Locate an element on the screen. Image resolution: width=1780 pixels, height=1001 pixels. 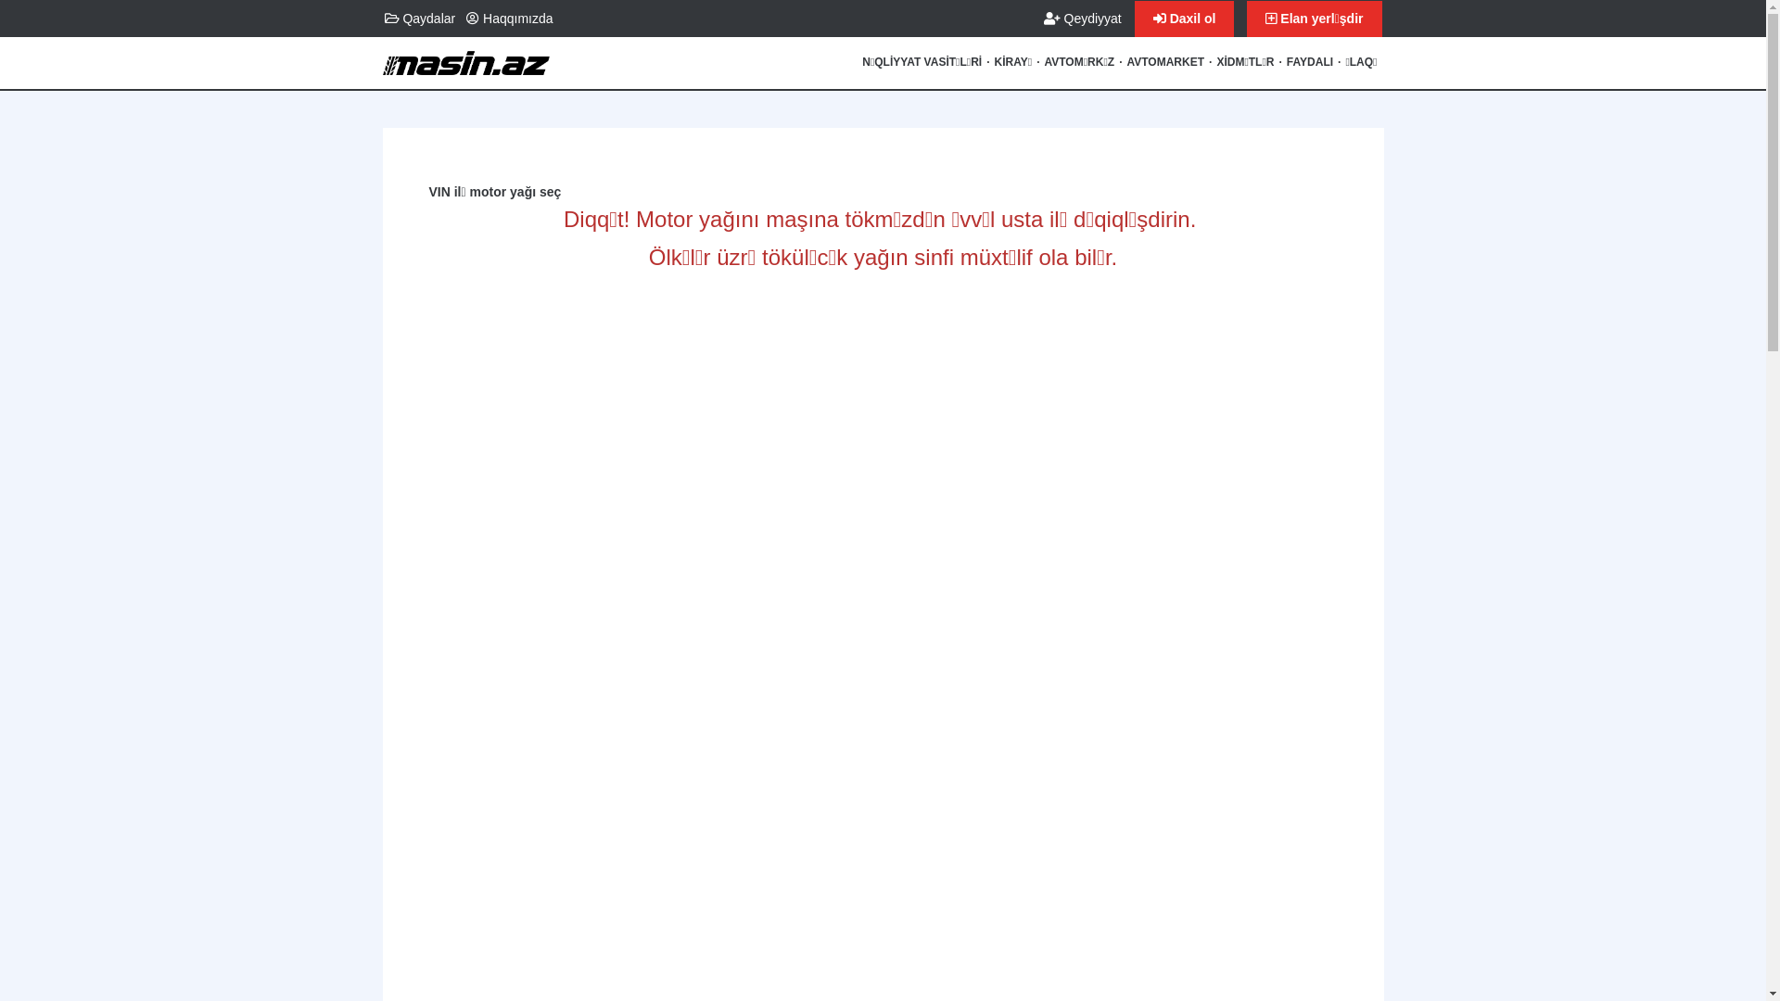
'Loqotip' is located at coordinates (465, 55).